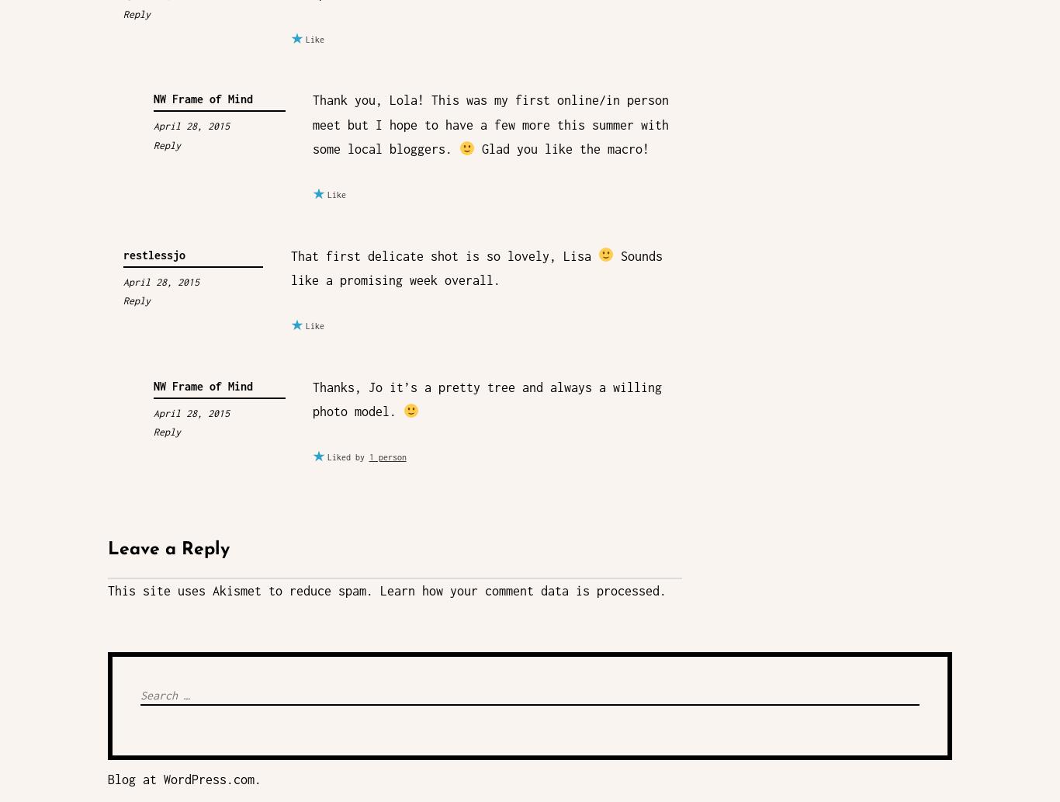 This screenshot has height=802, width=1060. I want to click on 'This site uses Akismet to reduce spam.', so click(107, 589).